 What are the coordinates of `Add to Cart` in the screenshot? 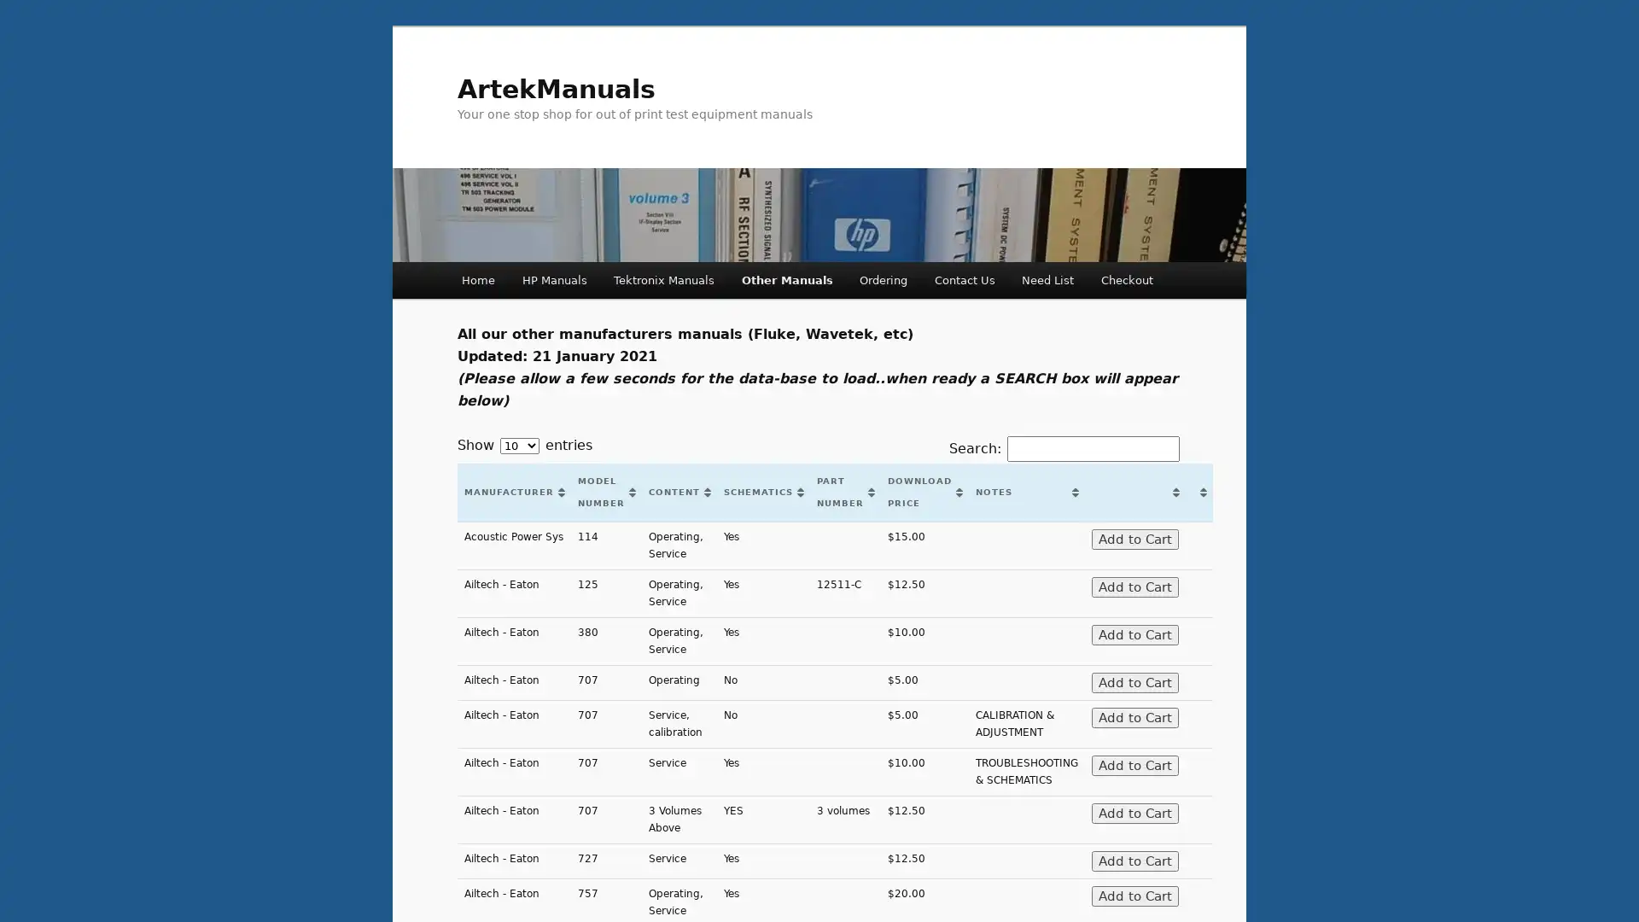 It's located at (1134, 586).